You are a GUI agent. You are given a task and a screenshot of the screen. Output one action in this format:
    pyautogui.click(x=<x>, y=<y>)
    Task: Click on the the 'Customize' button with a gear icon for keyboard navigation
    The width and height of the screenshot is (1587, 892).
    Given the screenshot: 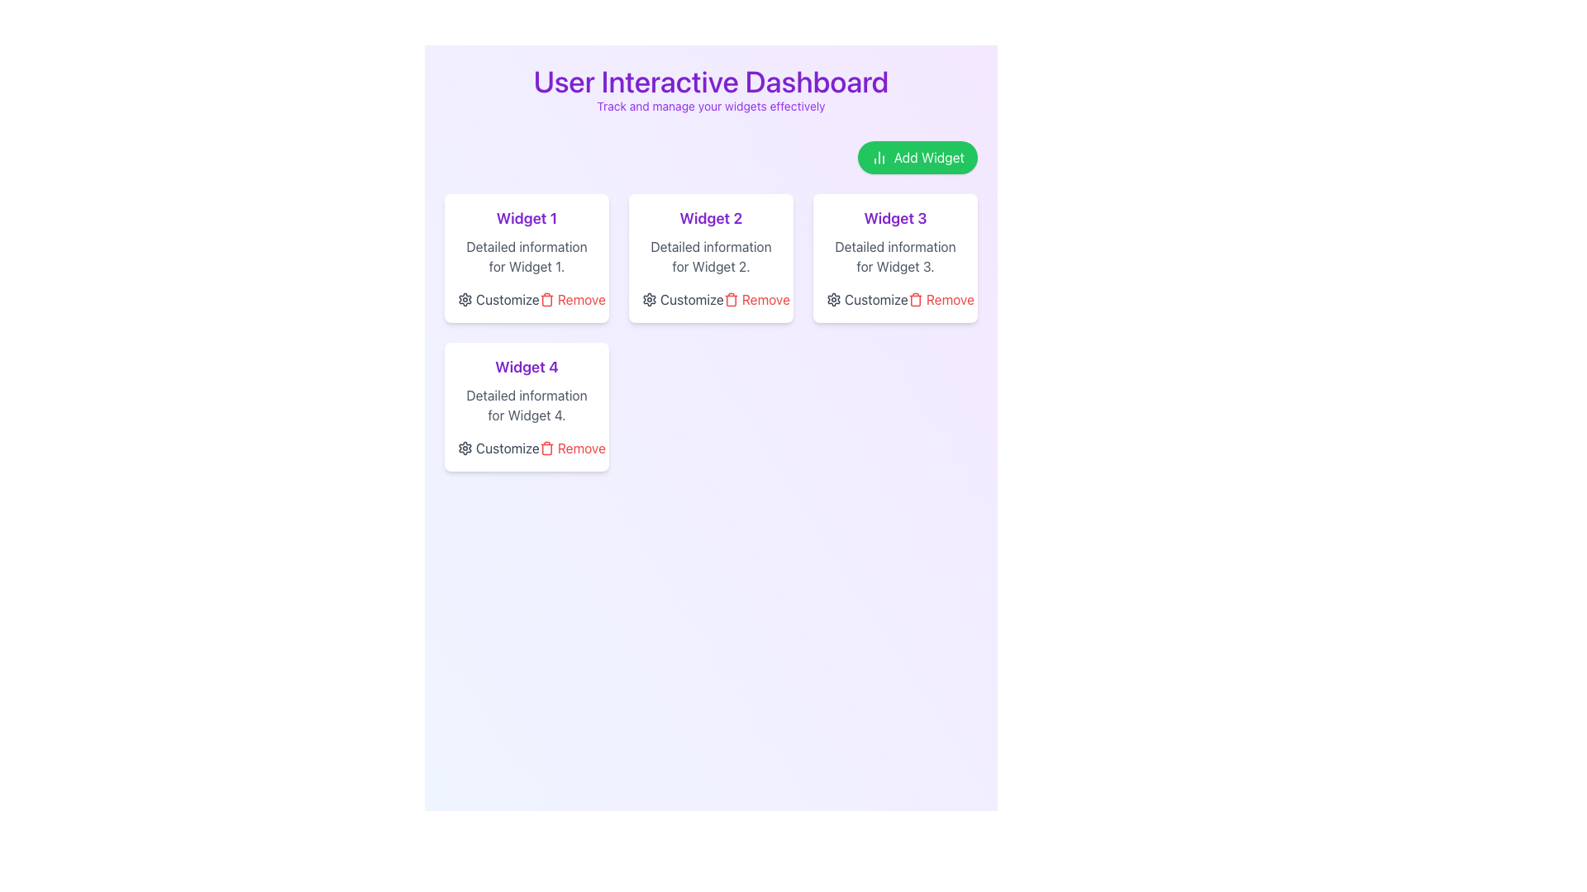 What is the action you would take?
    pyautogui.click(x=866, y=299)
    